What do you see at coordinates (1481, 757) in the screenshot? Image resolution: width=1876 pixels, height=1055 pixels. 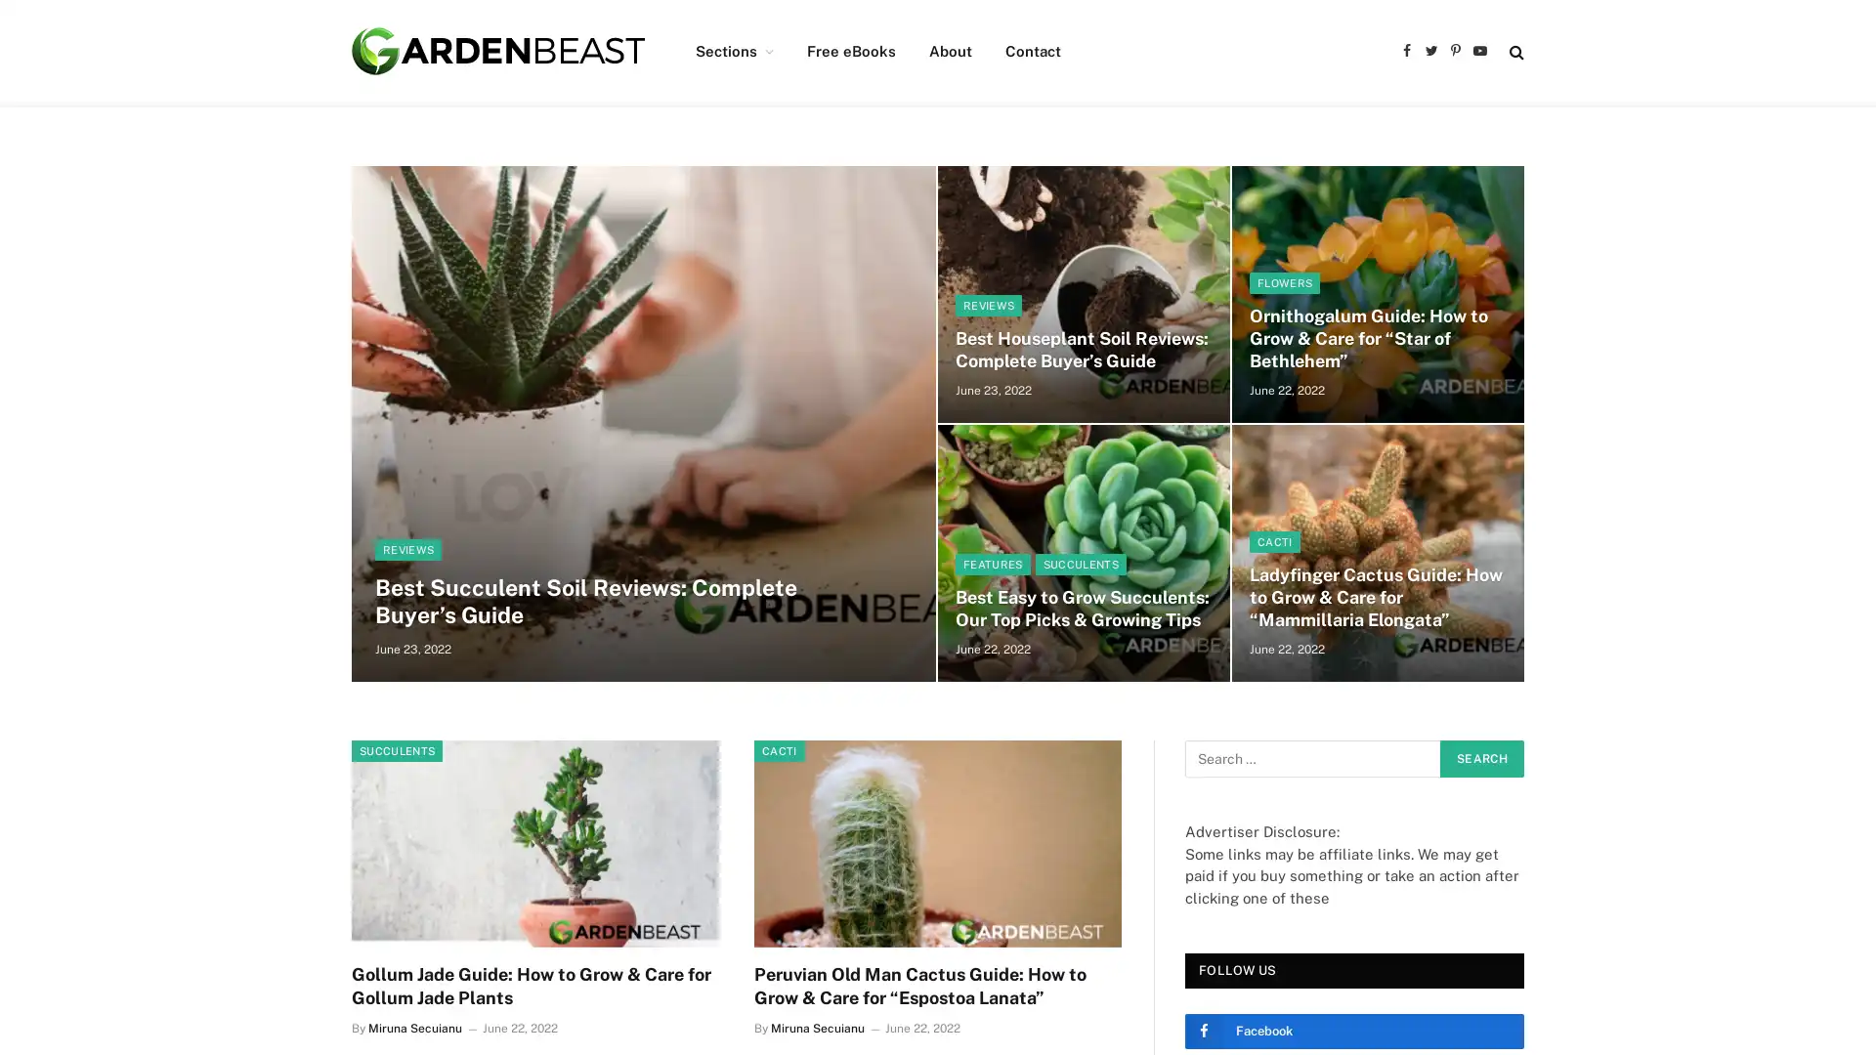 I see `Search` at bounding box center [1481, 757].